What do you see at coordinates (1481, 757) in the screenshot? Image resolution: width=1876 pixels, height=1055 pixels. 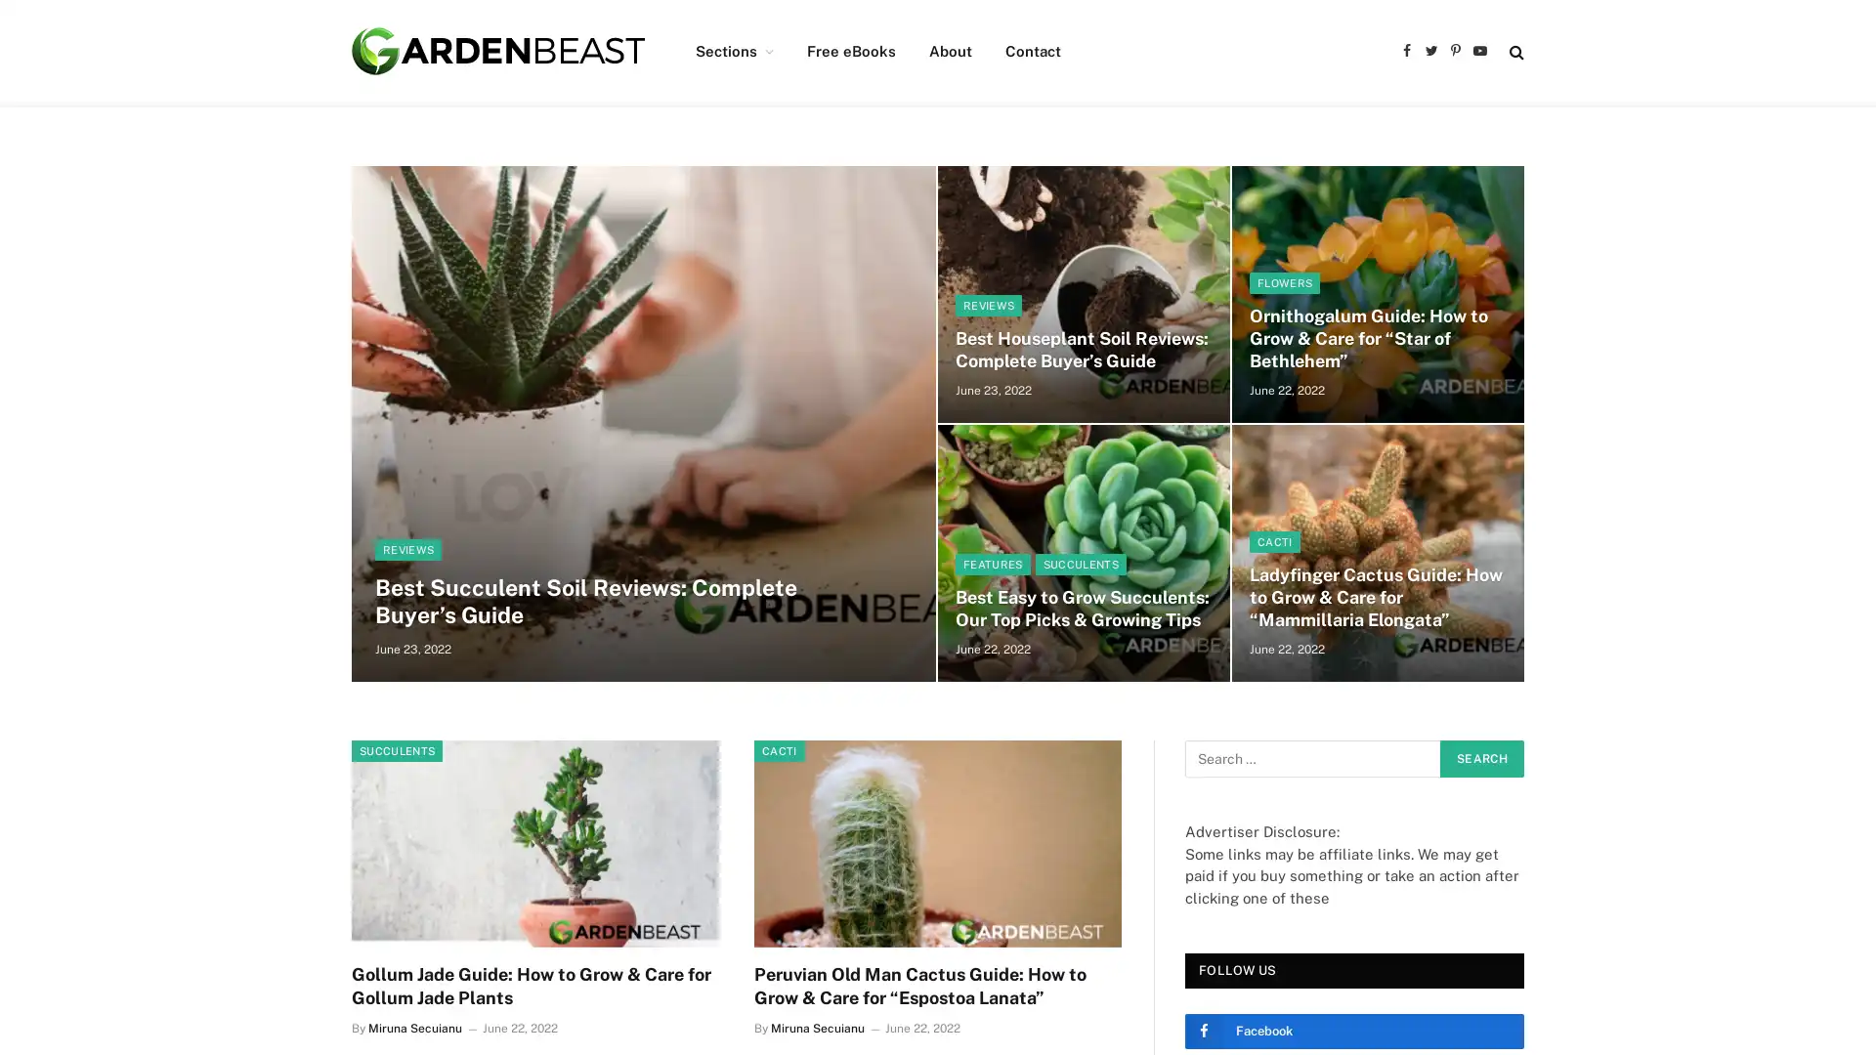 I see `Search` at bounding box center [1481, 757].